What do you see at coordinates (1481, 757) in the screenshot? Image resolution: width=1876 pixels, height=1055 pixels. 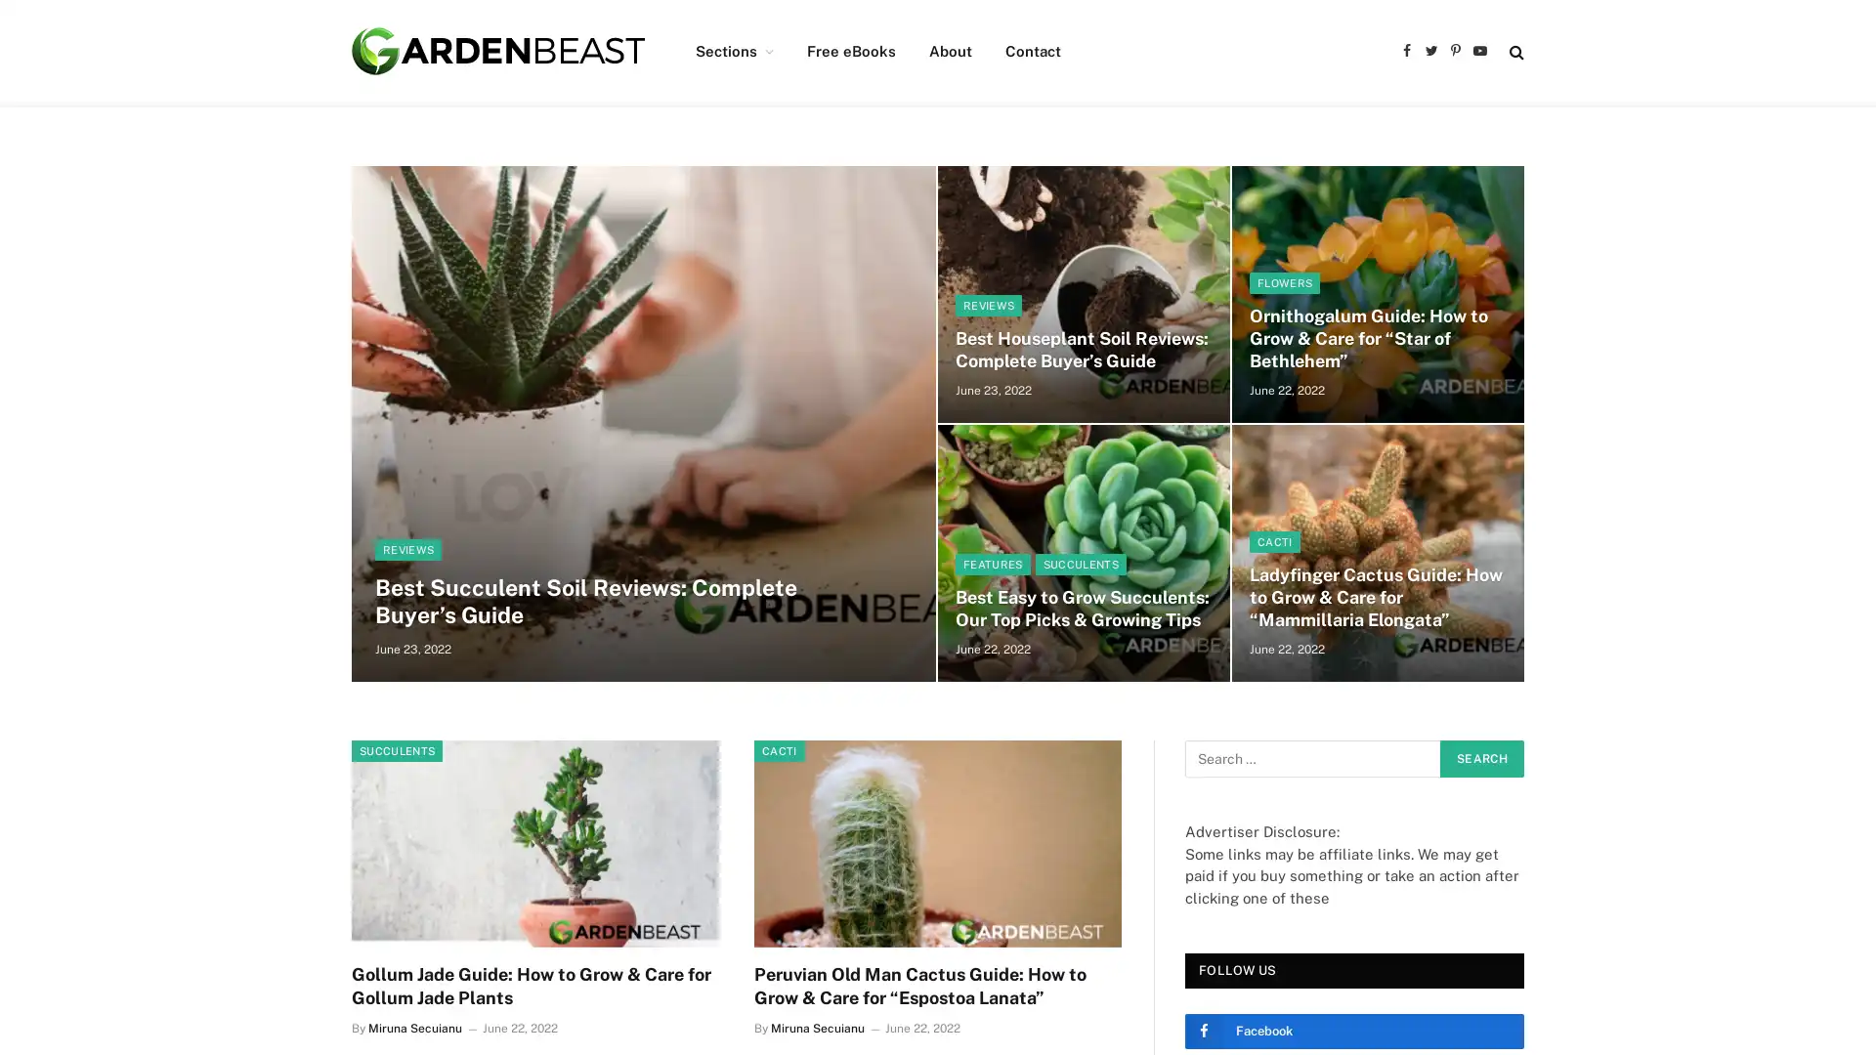 I see `Search` at bounding box center [1481, 757].